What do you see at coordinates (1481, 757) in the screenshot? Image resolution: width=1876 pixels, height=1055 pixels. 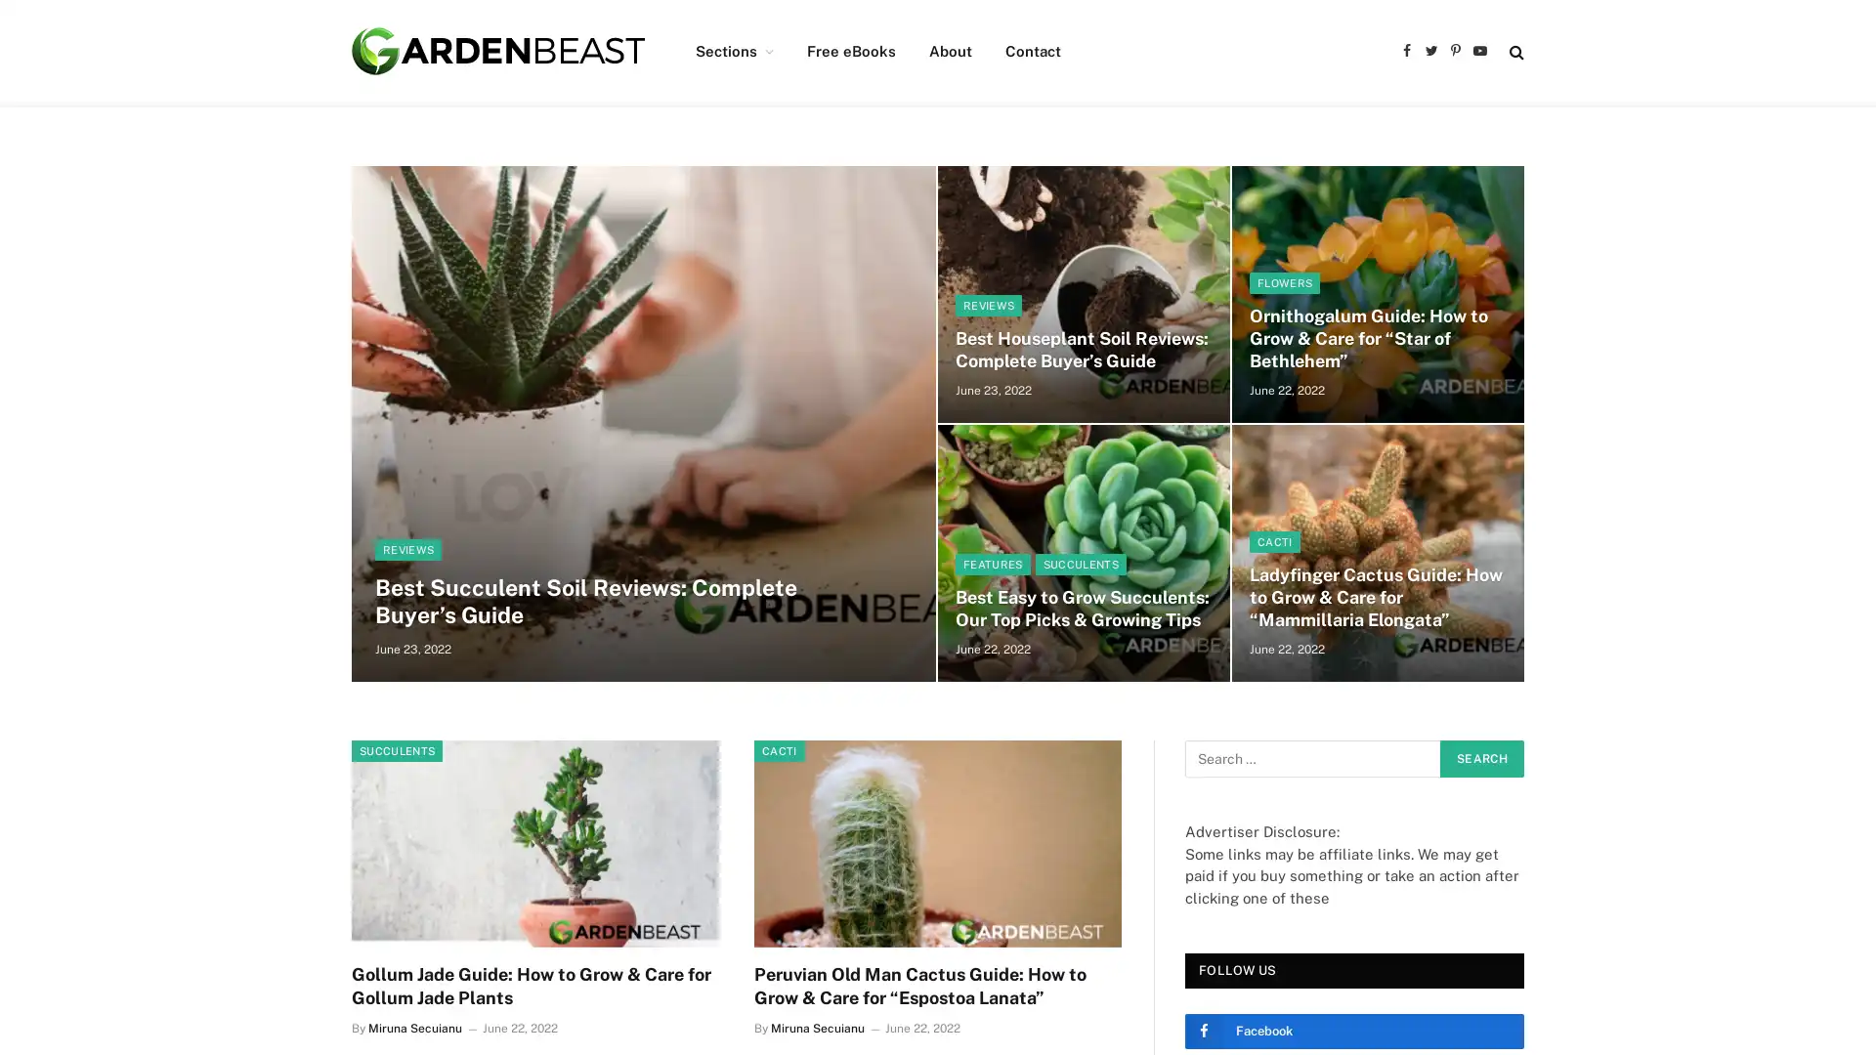 I see `Search` at bounding box center [1481, 757].